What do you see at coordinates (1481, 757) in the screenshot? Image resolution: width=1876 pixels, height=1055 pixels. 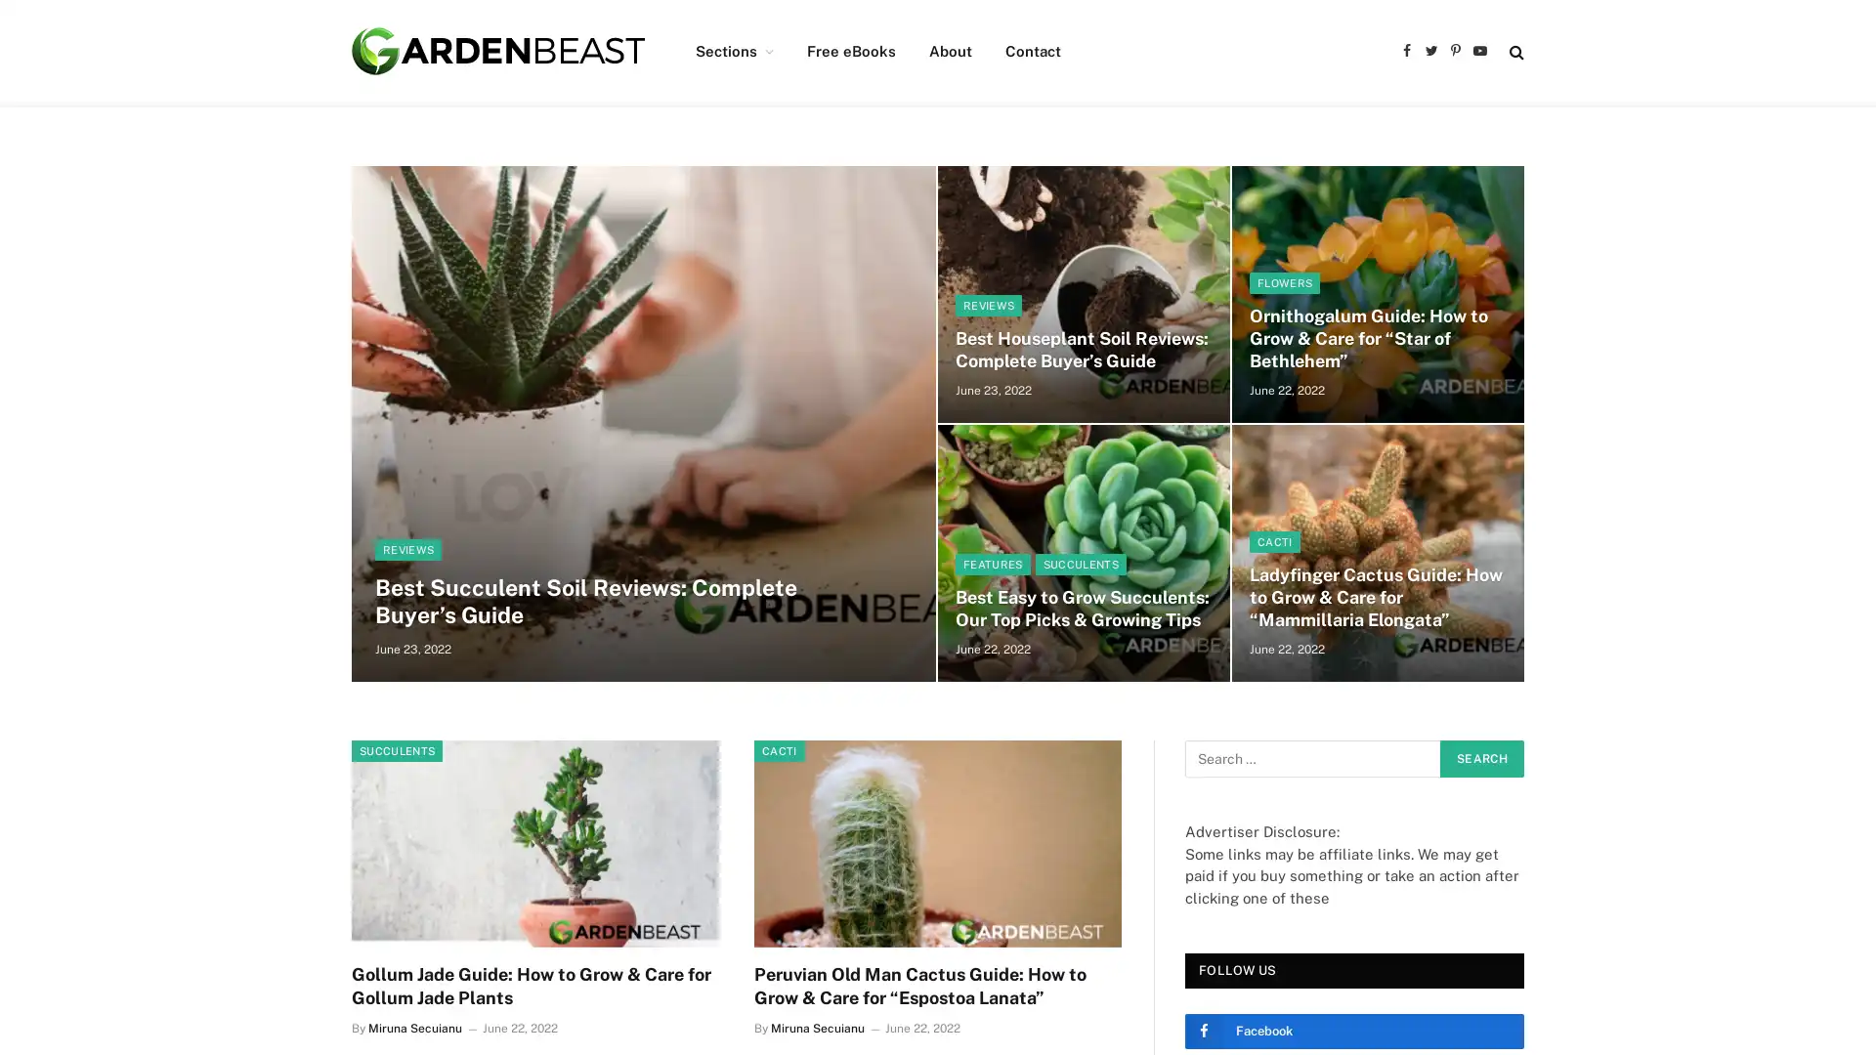 I see `Search` at bounding box center [1481, 757].